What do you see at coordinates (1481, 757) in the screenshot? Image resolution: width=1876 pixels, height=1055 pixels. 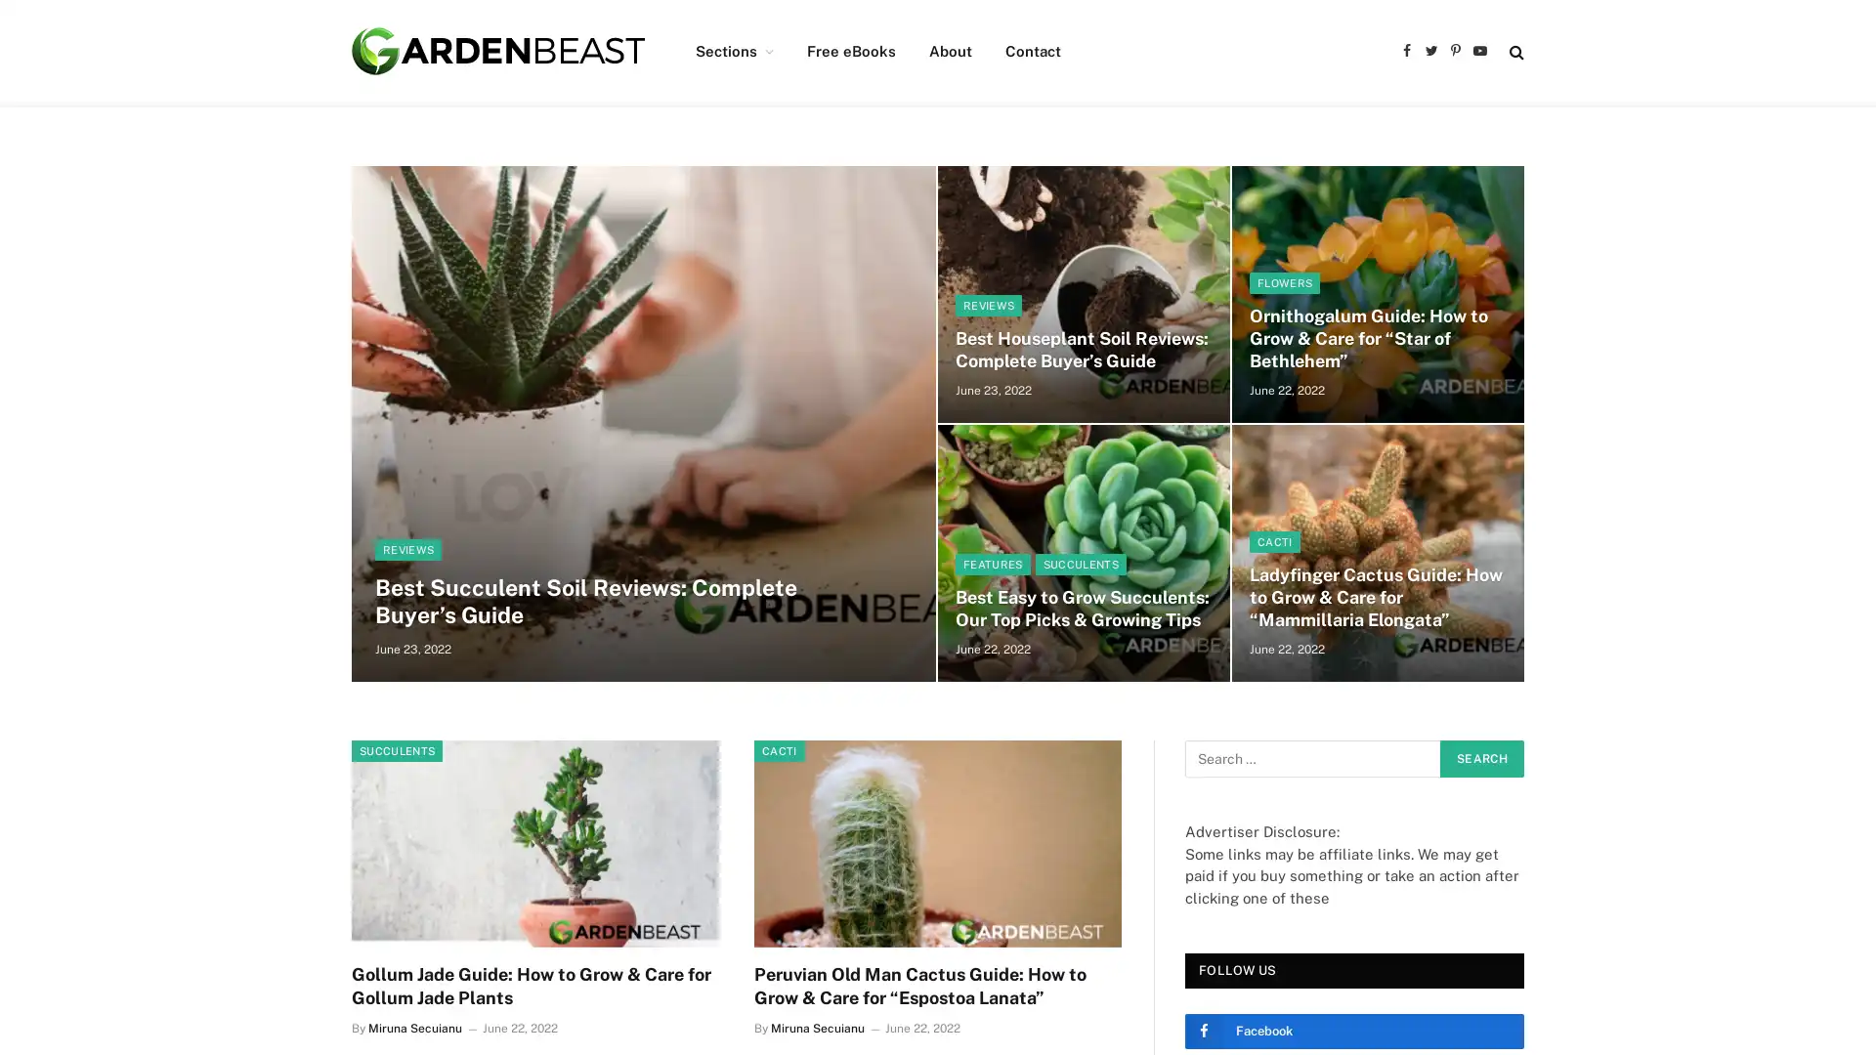 I see `Search` at bounding box center [1481, 757].